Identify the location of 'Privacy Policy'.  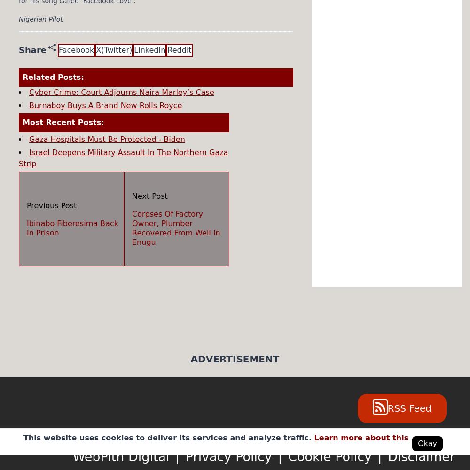
(185, 455).